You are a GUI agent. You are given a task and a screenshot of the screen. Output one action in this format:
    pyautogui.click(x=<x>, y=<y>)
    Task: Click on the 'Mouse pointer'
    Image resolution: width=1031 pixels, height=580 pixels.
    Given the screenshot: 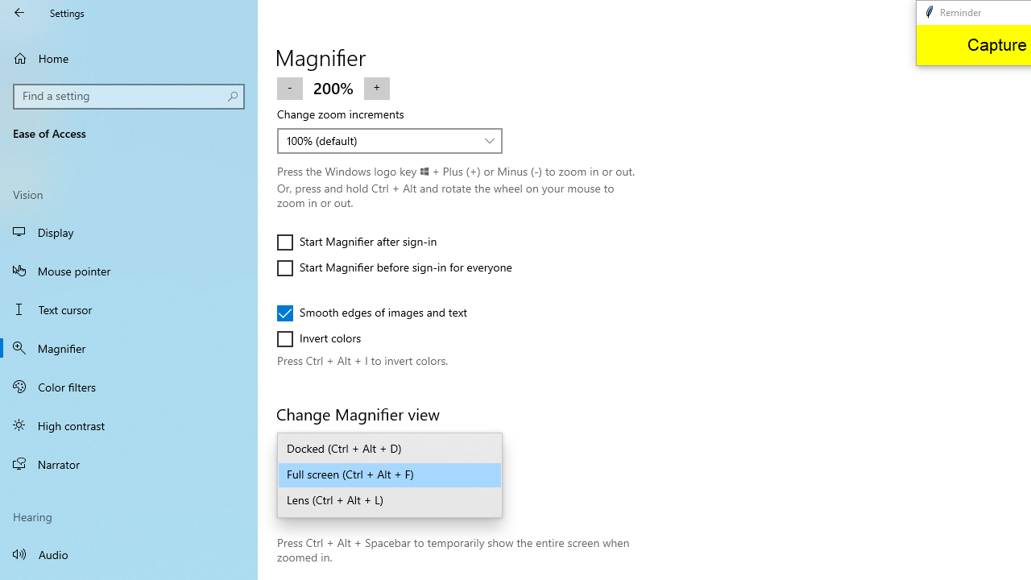 What is the action you would take?
    pyautogui.click(x=129, y=269)
    